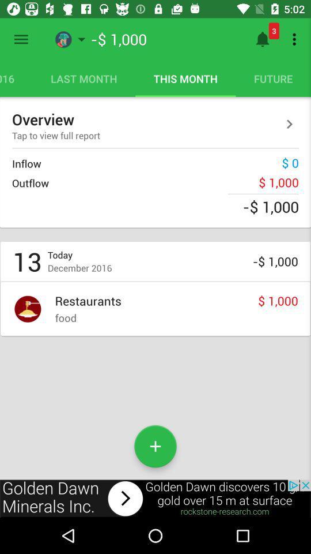 The image size is (311, 554). What do you see at coordinates (289, 124) in the screenshot?
I see `next button` at bounding box center [289, 124].